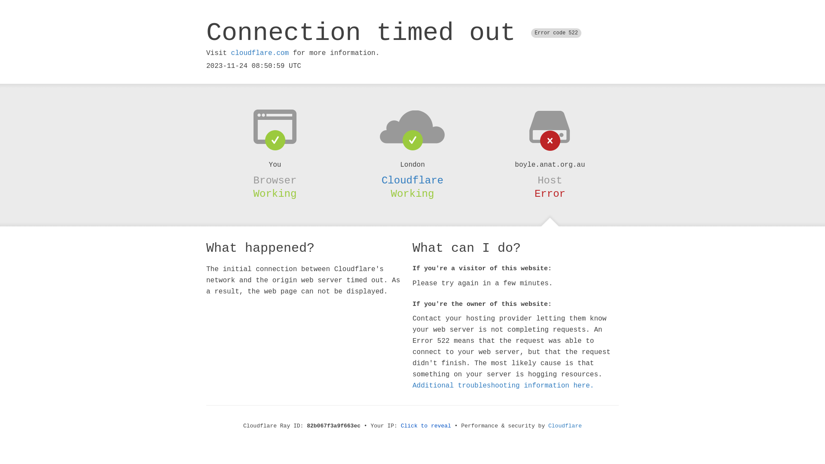 This screenshot has width=825, height=464. Describe the element at coordinates (426, 426) in the screenshot. I see `'Click to reveal'` at that location.